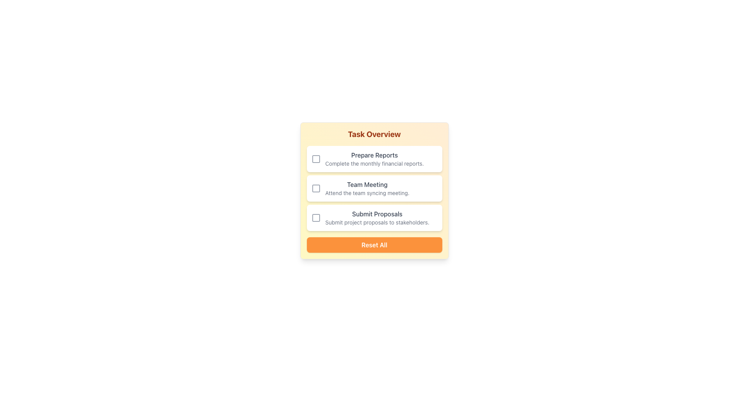 The image size is (743, 418). What do you see at coordinates (316, 159) in the screenshot?
I see `the status icon located to the left of the 'Prepare Reports' text in the task card within the 'Task Overview' section to interact or mark the task` at bounding box center [316, 159].